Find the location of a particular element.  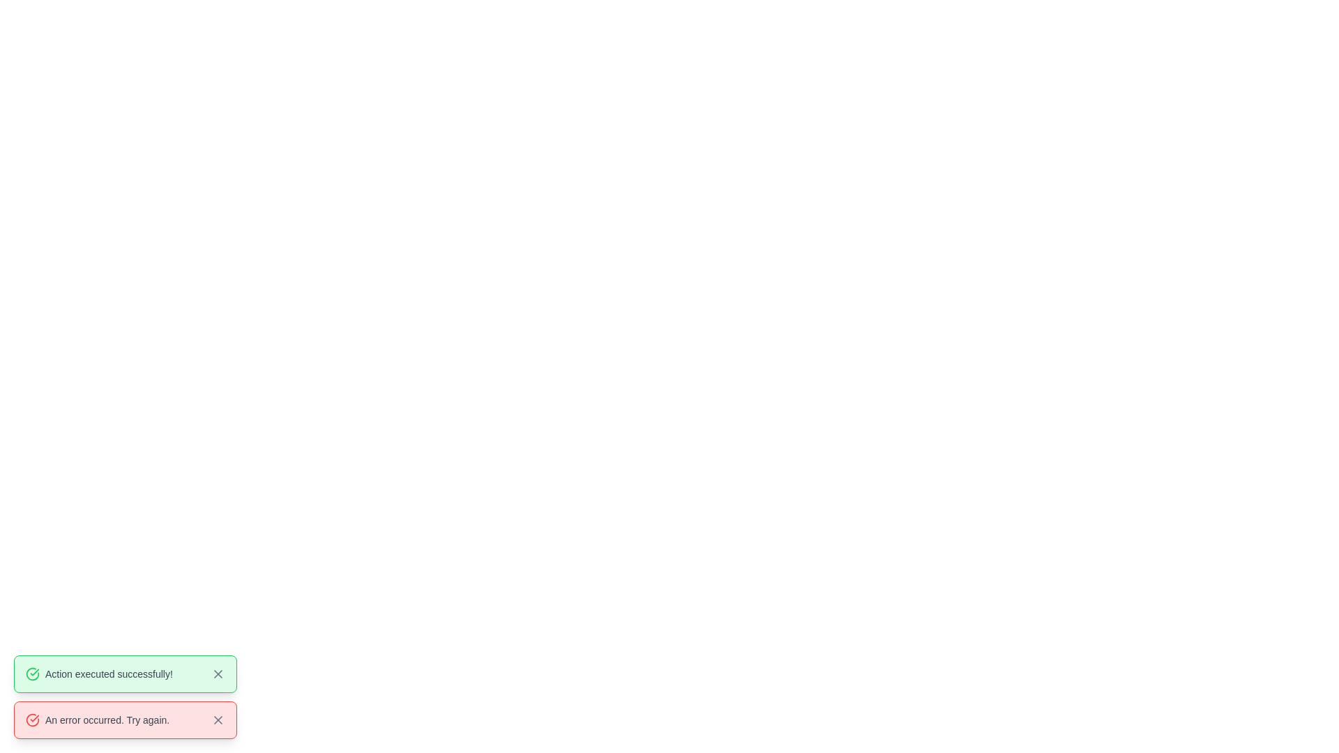

the error notification text block located at the bottom of the interface, which is to the right of a red checkmark icon is located at coordinates (107, 720).